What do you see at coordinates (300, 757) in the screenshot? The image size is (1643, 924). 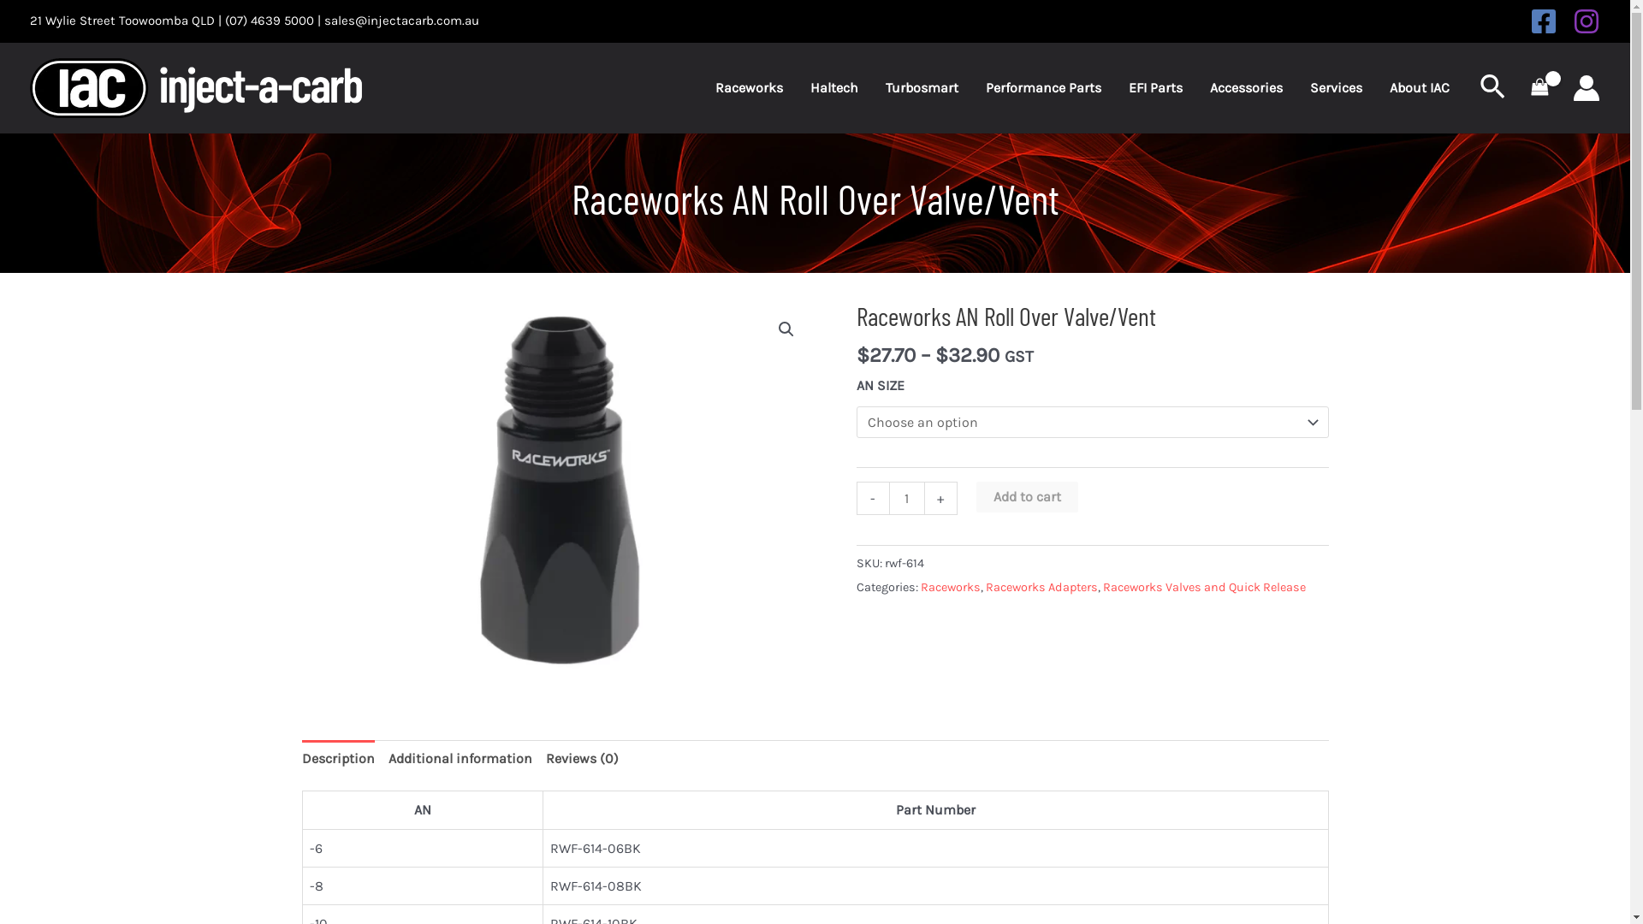 I see `'Description'` at bounding box center [300, 757].